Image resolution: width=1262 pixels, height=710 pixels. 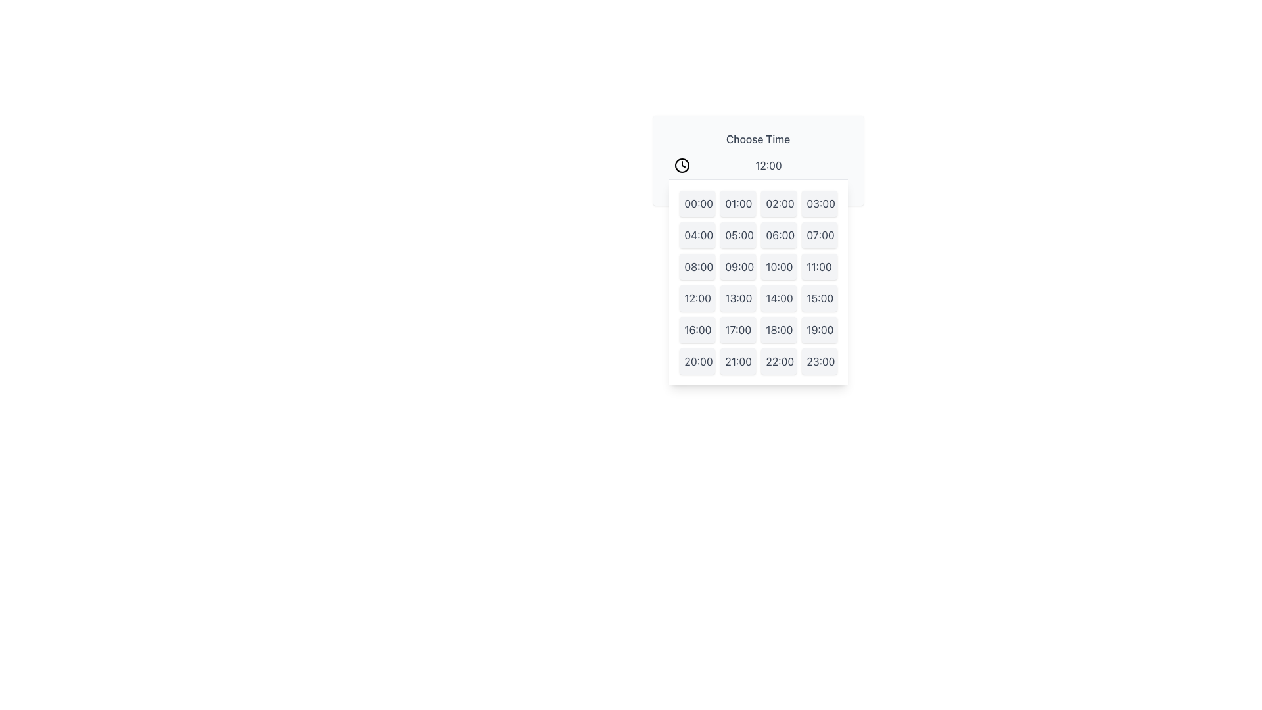 I want to click on the button displaying '19:00' which is the 20th element in a 4-column grid layout, located in the fifth row, fourth column, to change its background color to blue, so click(x=818, y=329).